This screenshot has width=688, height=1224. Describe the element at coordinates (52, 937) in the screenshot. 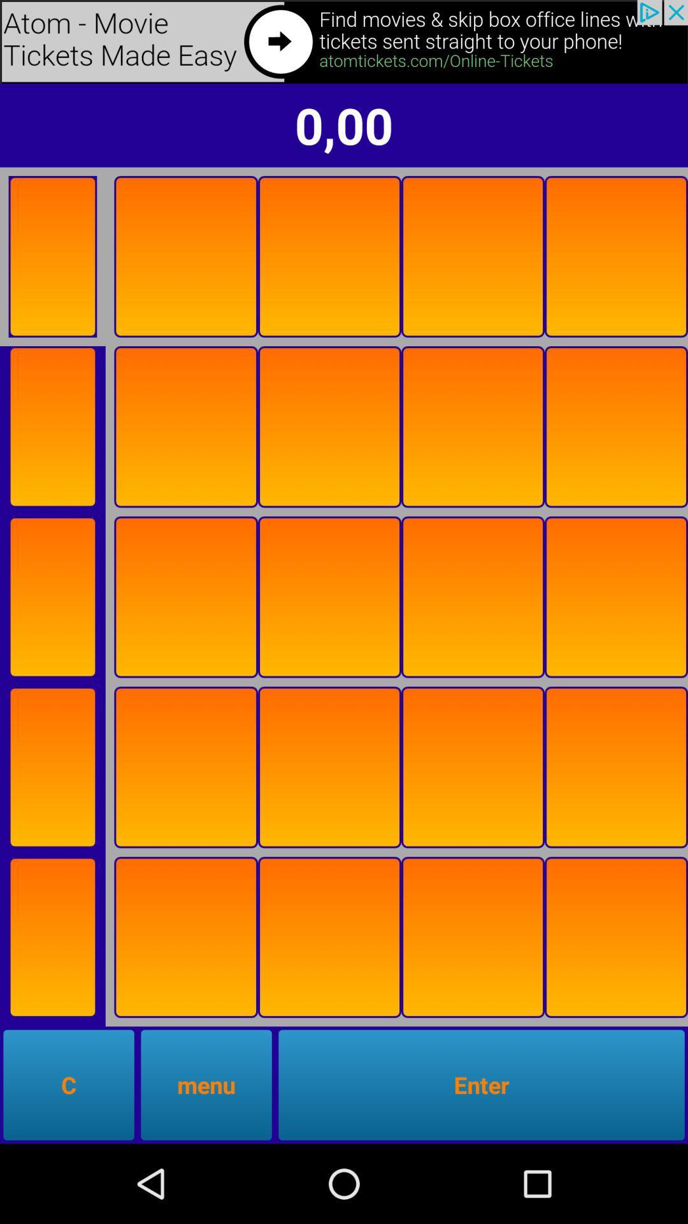

I see `flip card` at that location.